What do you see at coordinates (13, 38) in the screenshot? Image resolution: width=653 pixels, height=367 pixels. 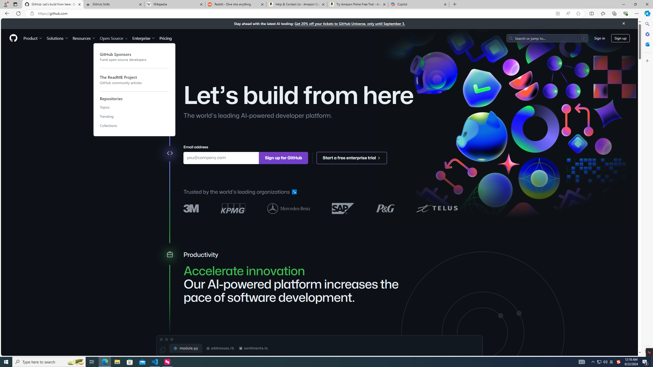 I see `'Homepage'` at bounding box center [13, 38].